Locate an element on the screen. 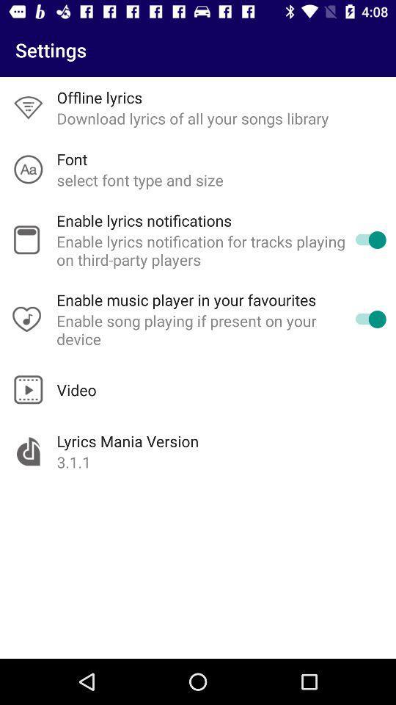 The height and width of the screenshot is (705, 396). app below offline lyrics is located at coordinates (193, 117).